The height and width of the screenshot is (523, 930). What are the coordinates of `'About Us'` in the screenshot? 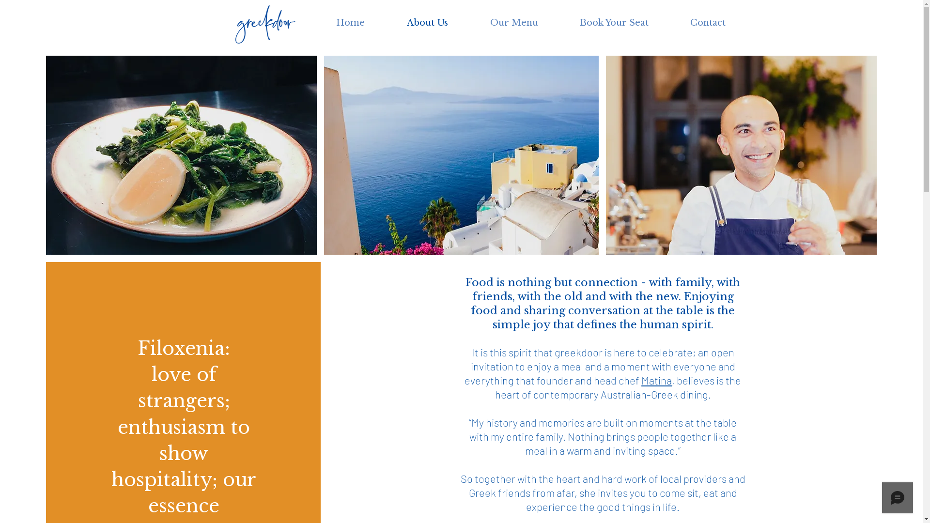 It's located at (385, 22).